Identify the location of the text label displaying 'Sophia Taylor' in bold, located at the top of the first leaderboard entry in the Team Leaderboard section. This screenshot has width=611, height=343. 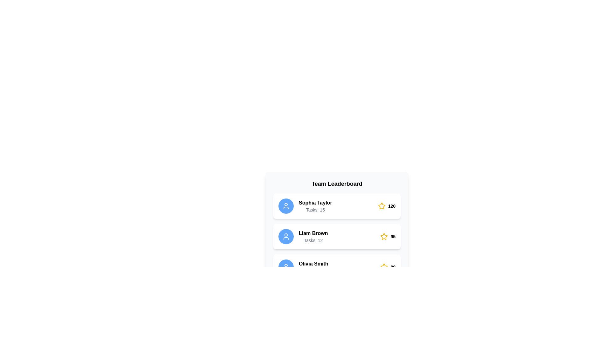
(315, 203).